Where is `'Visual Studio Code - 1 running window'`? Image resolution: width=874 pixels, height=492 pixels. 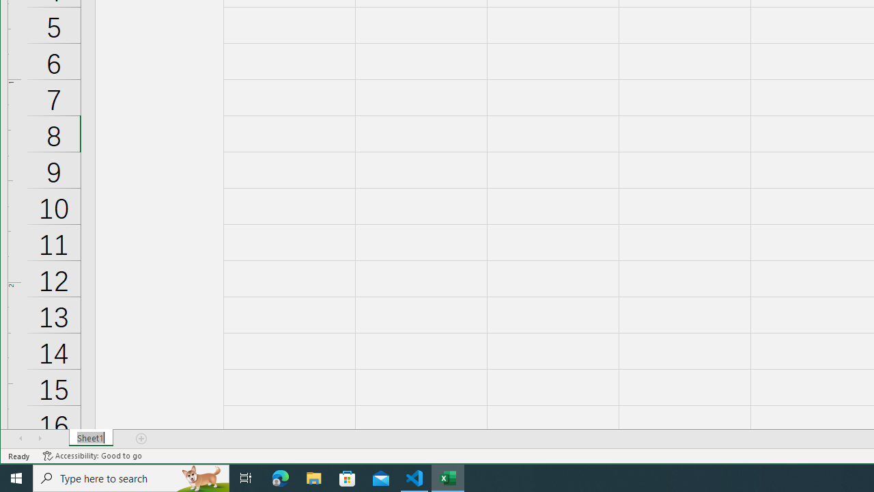
'Visual Studio Code - 1 running window' is located at coordinates (414, 477).